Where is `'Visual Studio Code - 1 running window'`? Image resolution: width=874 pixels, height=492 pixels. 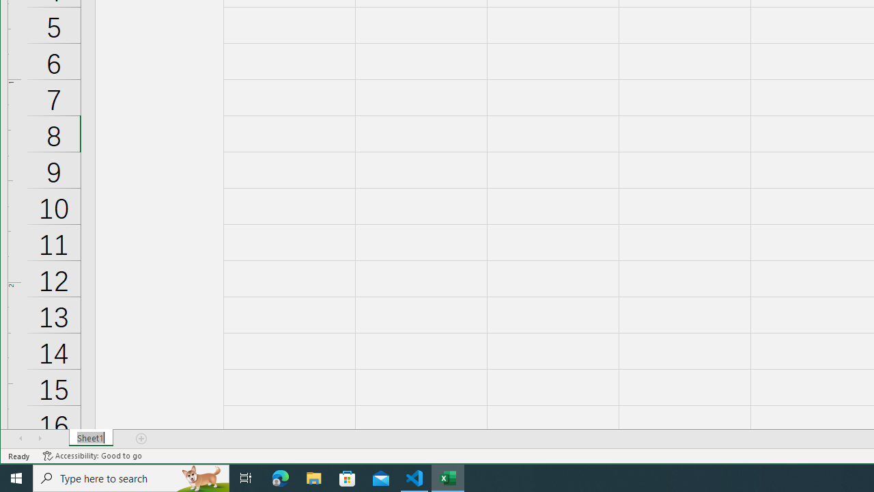
'Visual Studio Code - 1 running window' is located at coordinates (414, 477).